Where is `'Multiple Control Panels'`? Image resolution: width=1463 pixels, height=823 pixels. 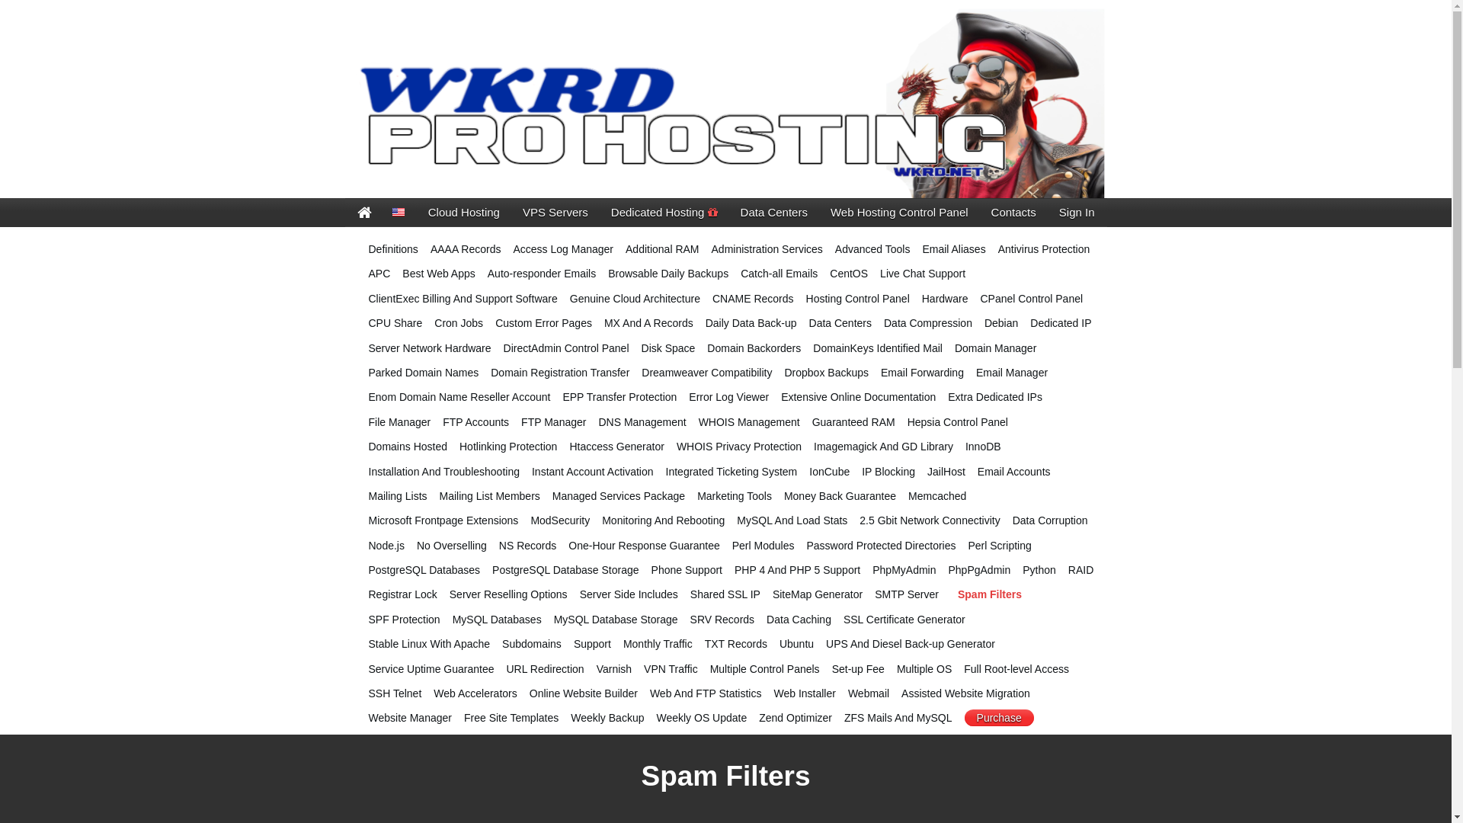 'Multiple Control Panels' is located at coordinates (764, 668).